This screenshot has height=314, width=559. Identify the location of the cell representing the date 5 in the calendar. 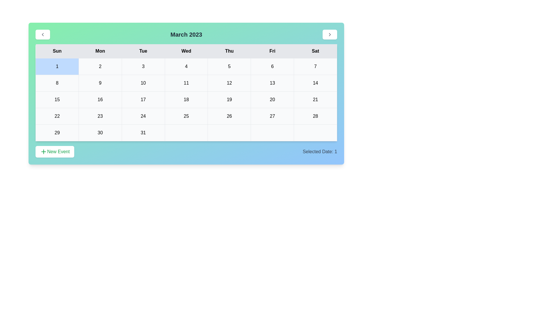
(229, 66).